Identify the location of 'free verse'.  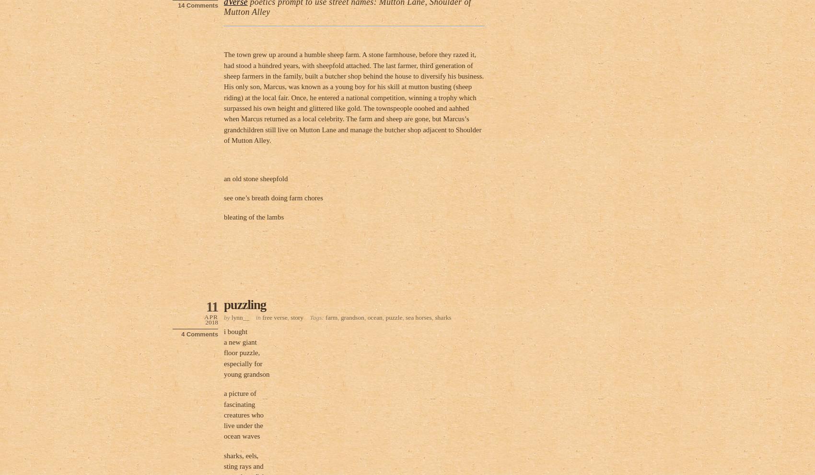
(274, 316).